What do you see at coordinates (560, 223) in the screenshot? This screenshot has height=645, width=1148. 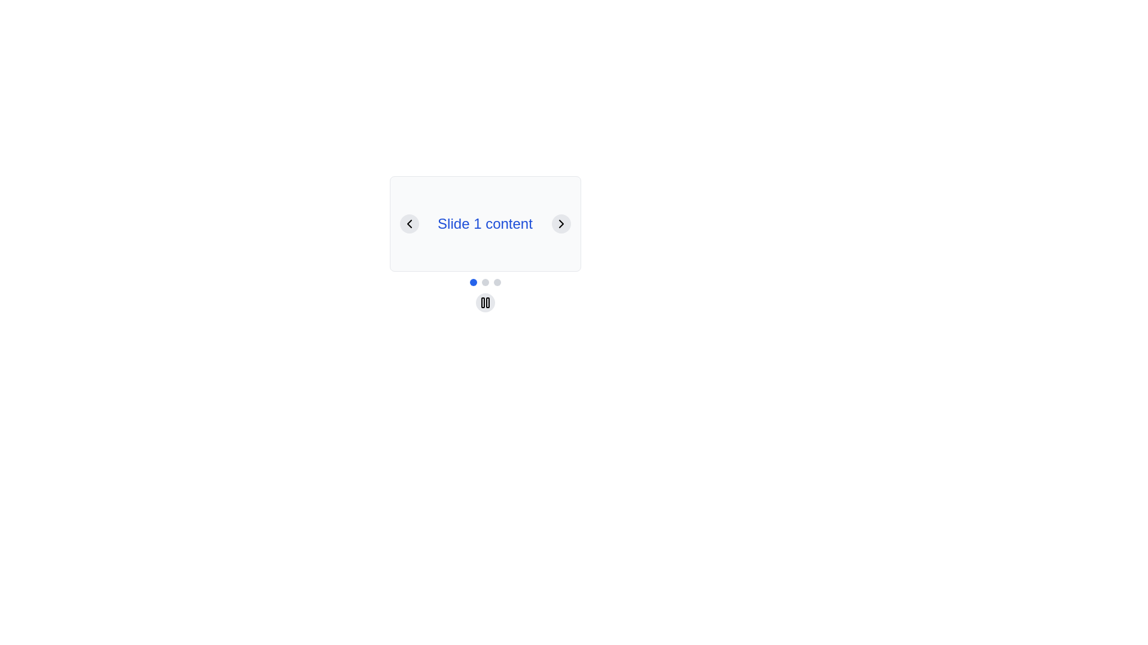 I see `the right-facing chevron icon button with a light gray background` at bounding box center [560, 223].